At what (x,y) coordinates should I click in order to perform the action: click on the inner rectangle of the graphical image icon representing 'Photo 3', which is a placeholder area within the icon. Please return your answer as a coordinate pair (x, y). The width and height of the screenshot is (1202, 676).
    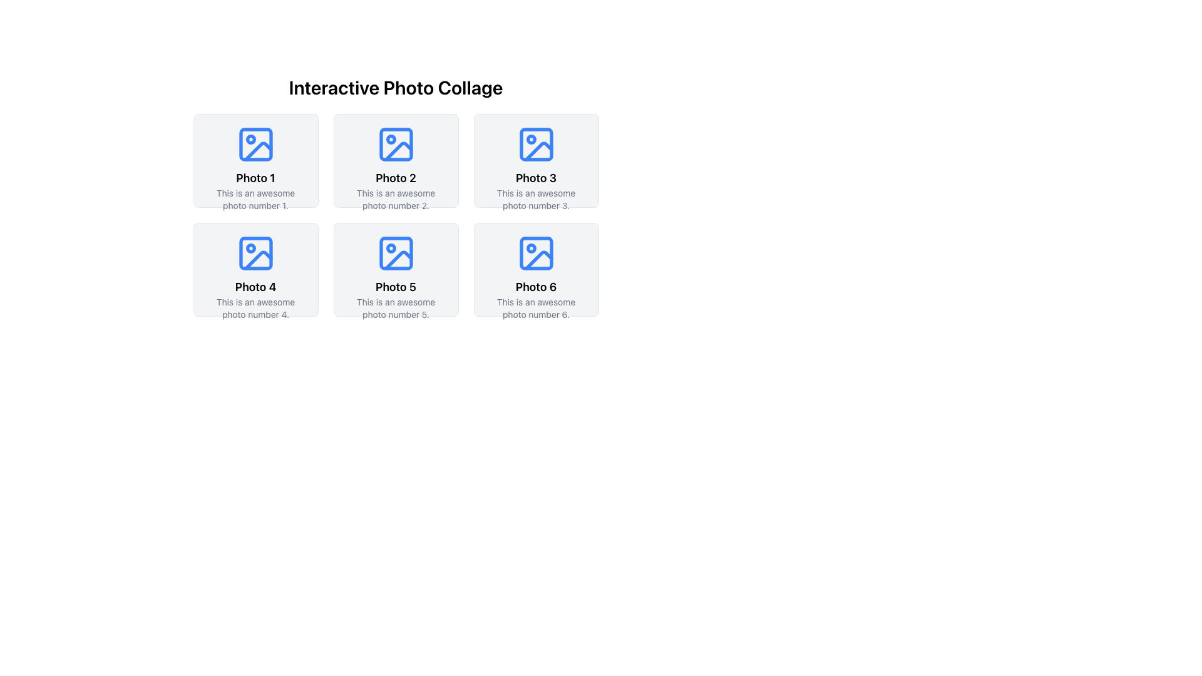
    Looking at the image, I should click on (536, 144).